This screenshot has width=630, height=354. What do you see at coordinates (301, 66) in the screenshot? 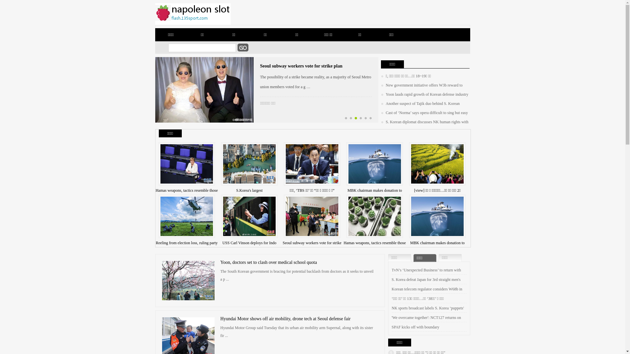
I see `'Seoul subway workers vote for strike plan'` at bounding box center [301, 66].